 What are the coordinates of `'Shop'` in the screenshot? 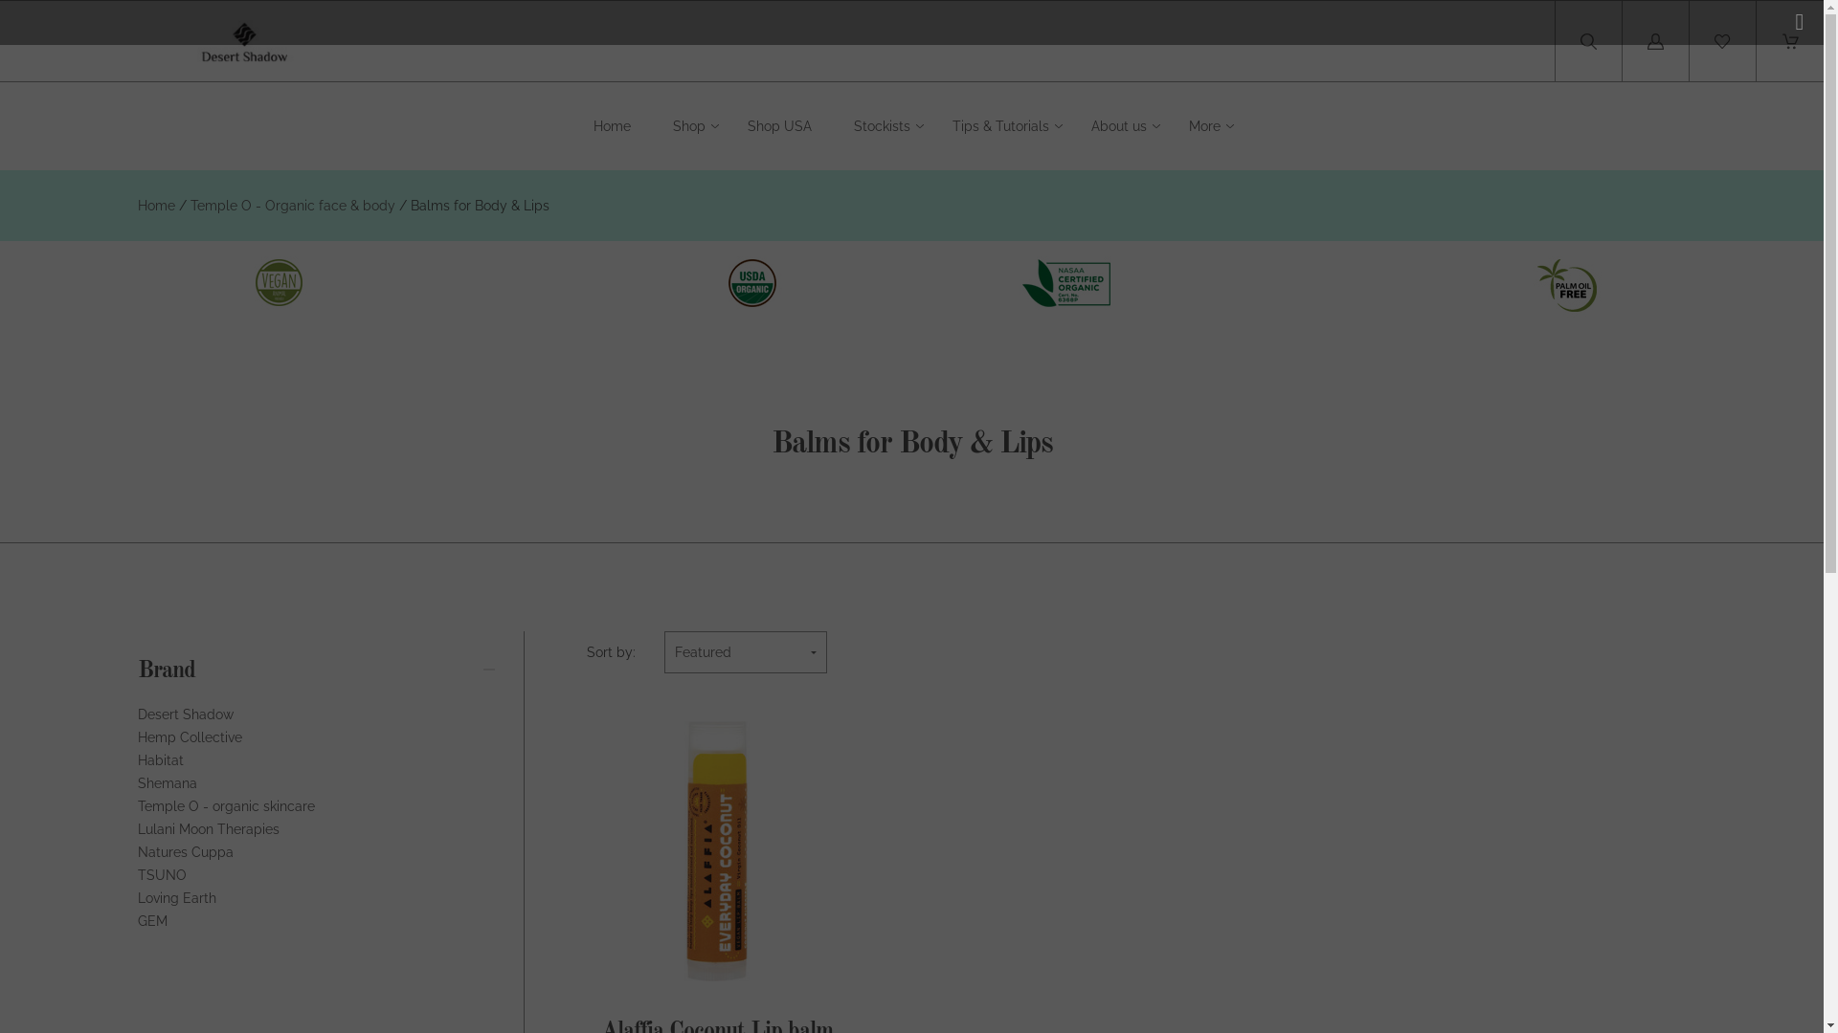 It's located at (689, 126).